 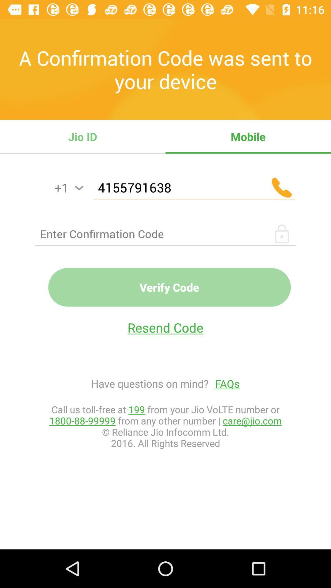 What do you see at coordinates (79, 188) in the screenshot?
I see `country code` at bounding box center [79, 188].